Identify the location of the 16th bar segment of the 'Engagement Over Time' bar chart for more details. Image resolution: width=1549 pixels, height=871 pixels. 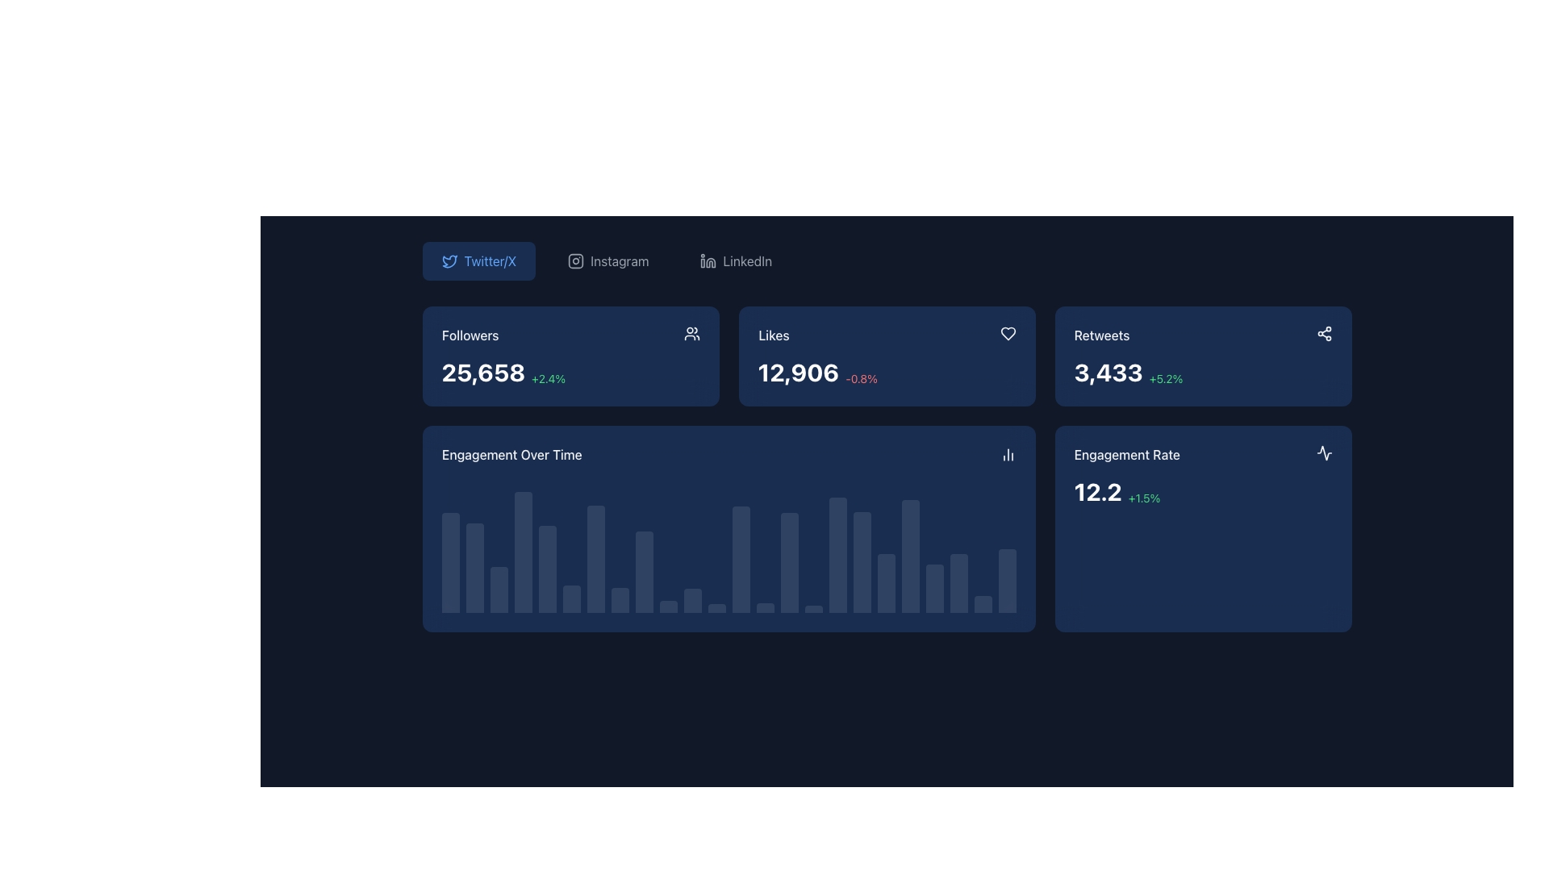
(813, 609).